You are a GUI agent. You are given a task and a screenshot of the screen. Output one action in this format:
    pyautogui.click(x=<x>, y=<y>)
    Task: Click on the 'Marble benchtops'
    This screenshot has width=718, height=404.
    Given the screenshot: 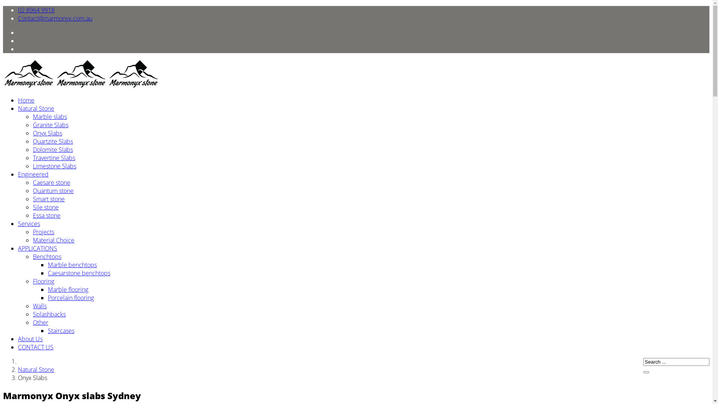 What is the action you would take?
    pyautogui.click(x=72, y=264)
    